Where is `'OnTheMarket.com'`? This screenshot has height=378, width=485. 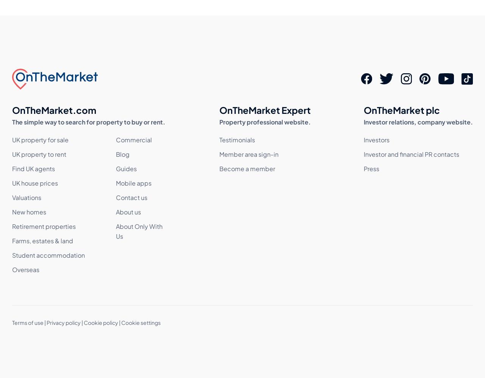
'OnTheMarket.com' is located at coordinates (53, 110).